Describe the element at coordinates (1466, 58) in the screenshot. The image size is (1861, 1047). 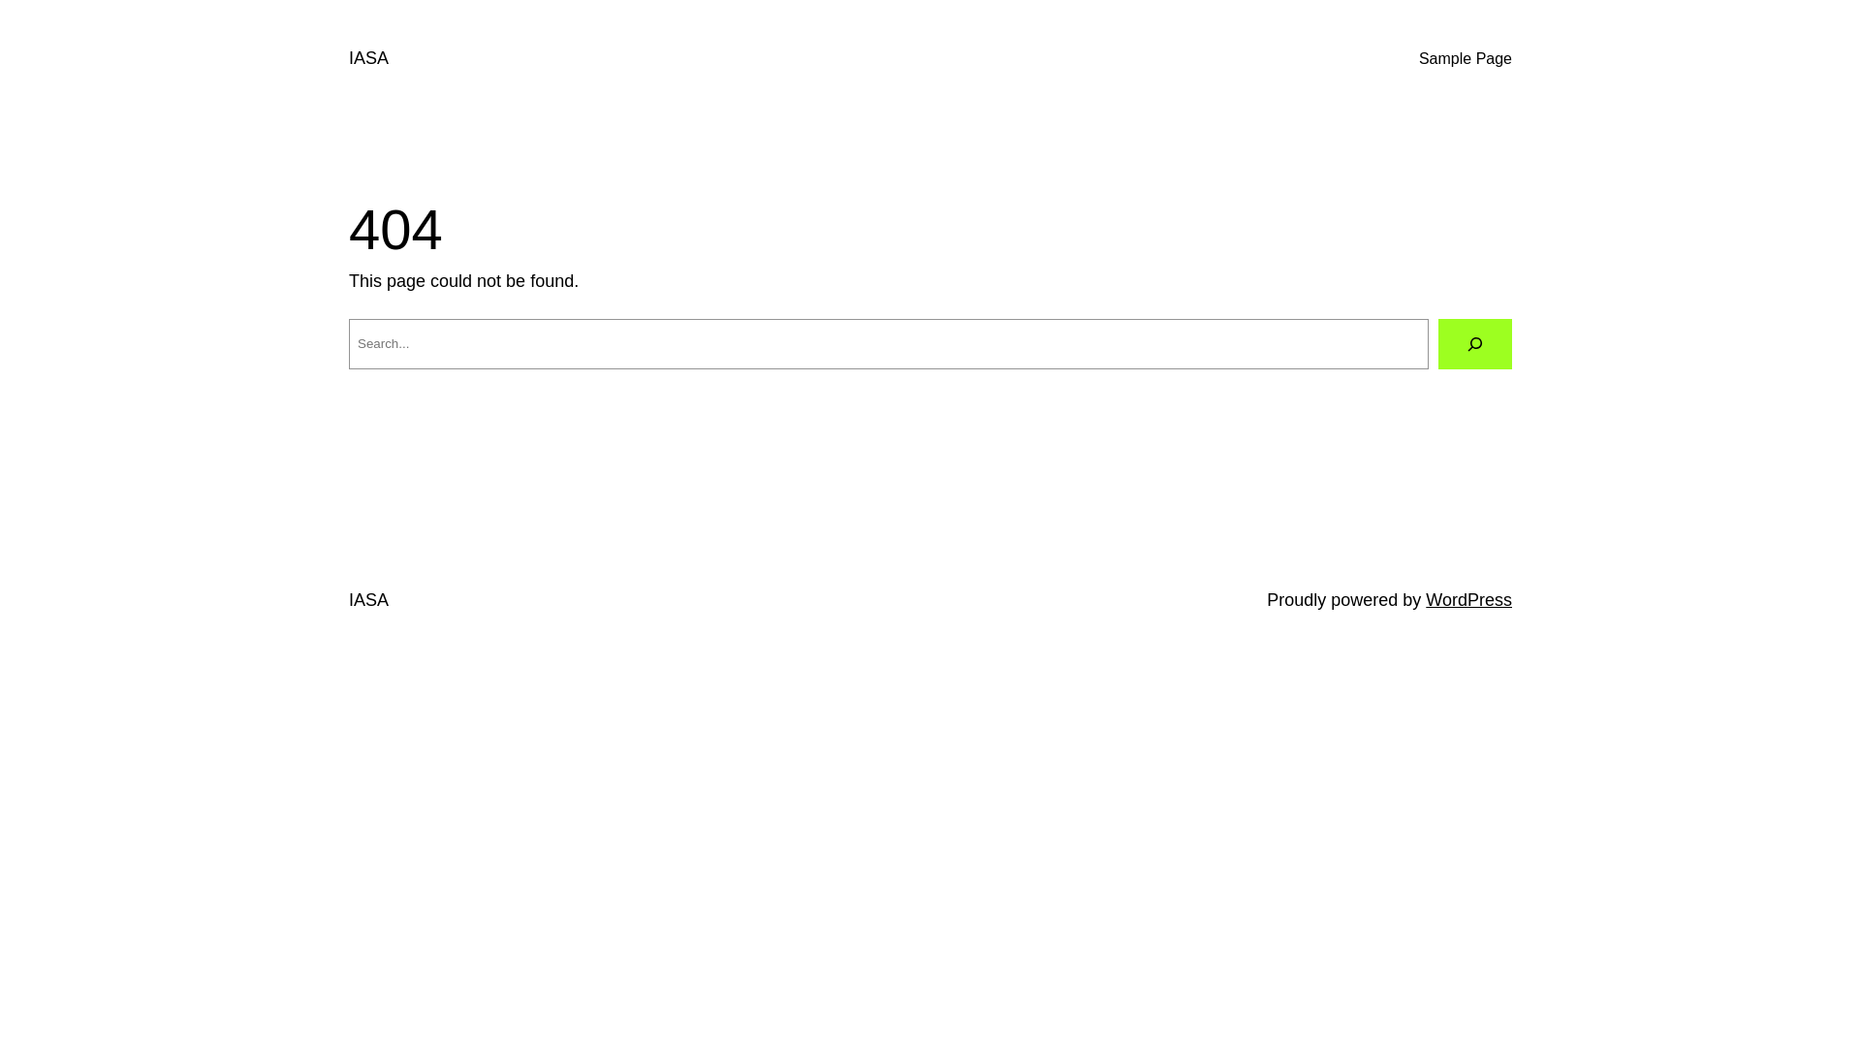
I see `'Sample Page'` at that location.